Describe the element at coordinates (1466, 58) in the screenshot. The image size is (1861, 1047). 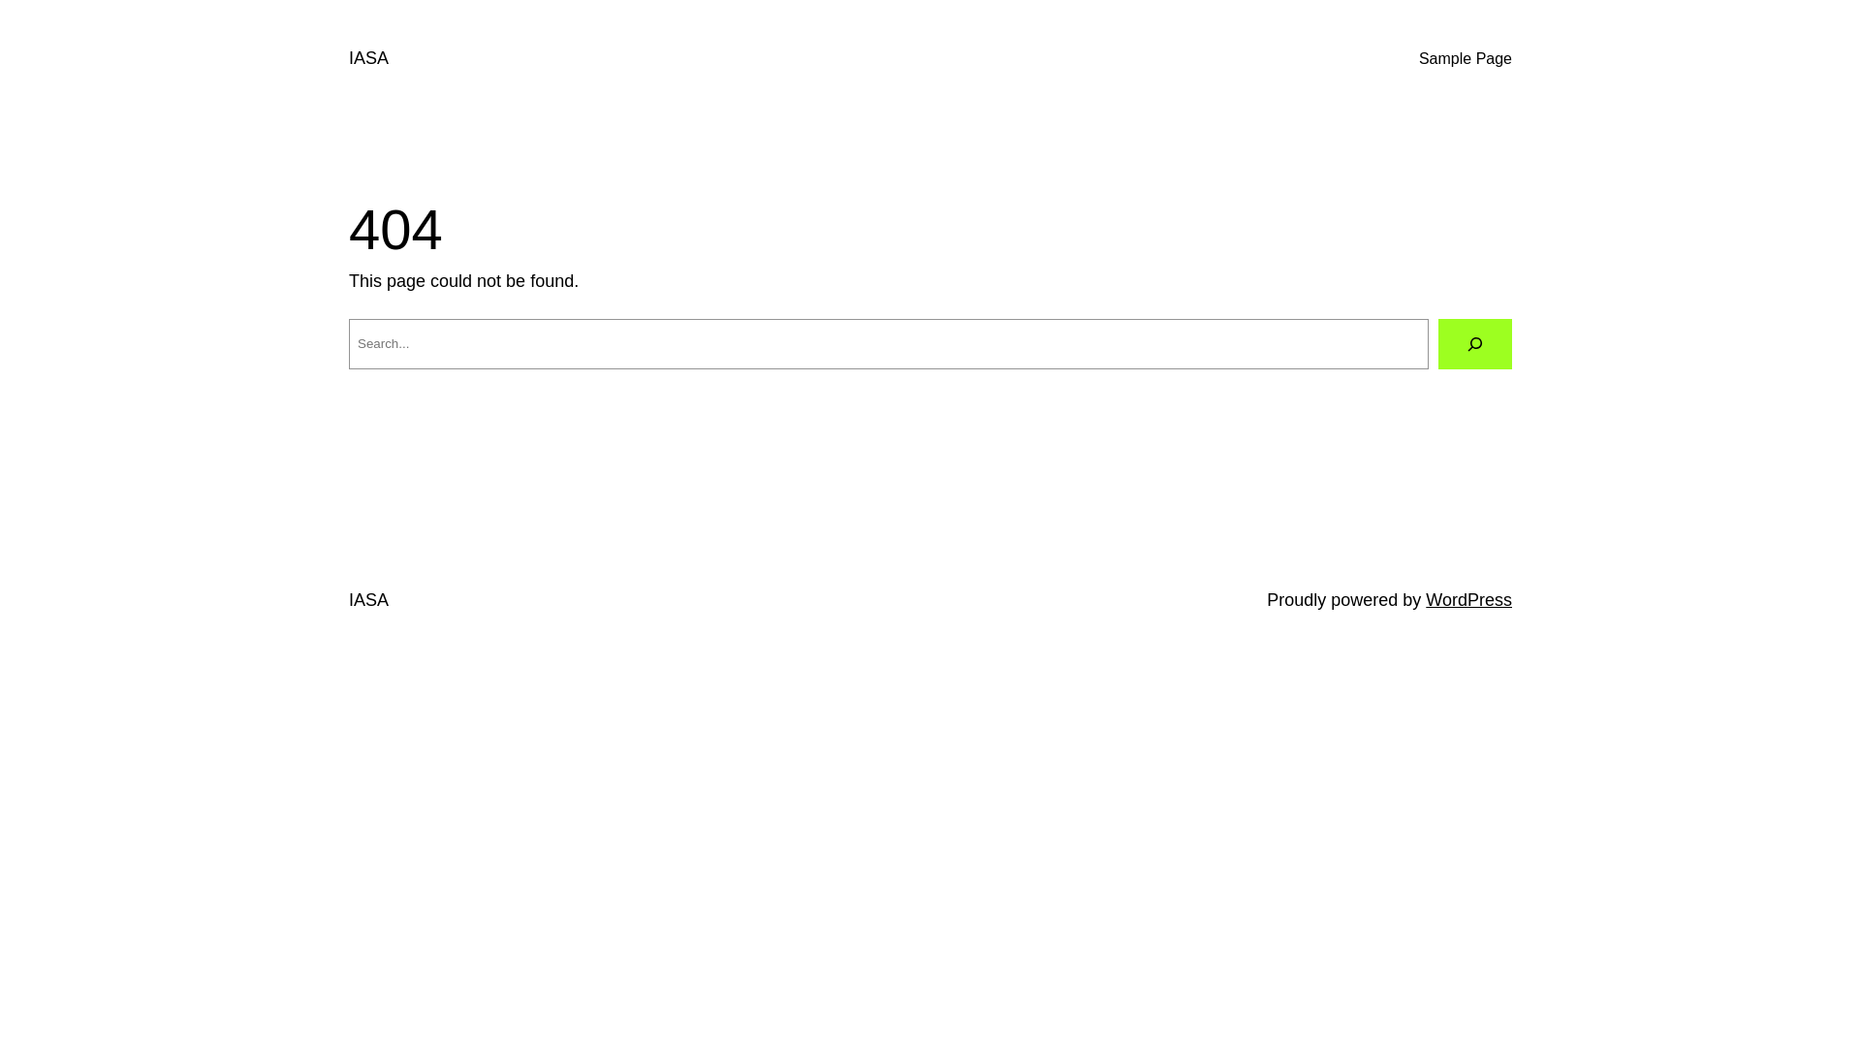
I see `'Sample Page'` at that location.